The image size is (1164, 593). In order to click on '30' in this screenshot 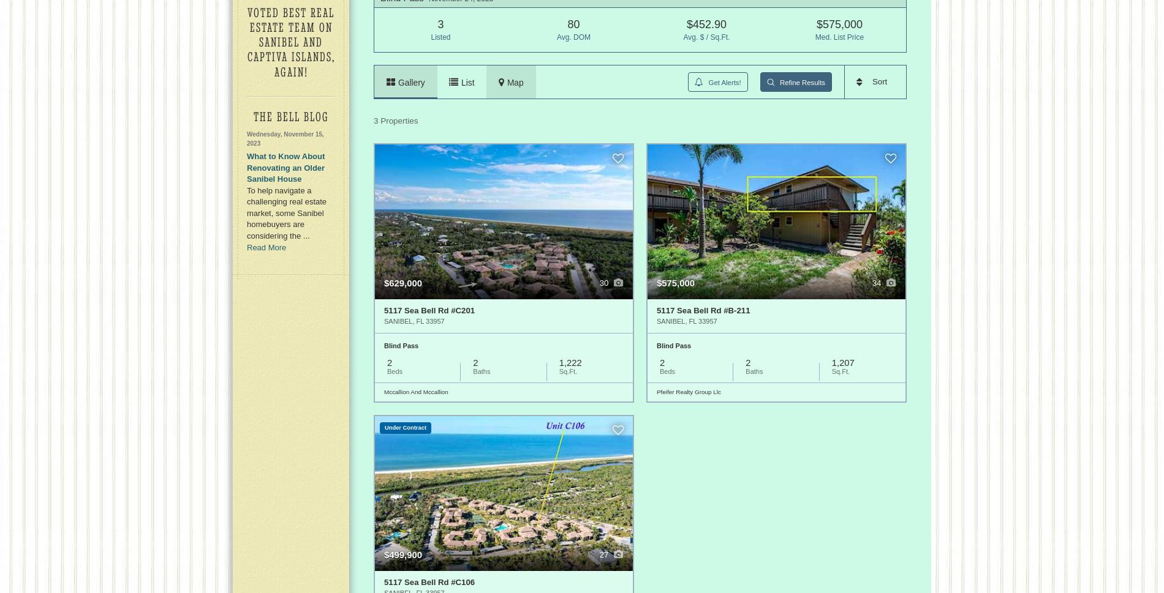, I will do `click(605, 283)`.